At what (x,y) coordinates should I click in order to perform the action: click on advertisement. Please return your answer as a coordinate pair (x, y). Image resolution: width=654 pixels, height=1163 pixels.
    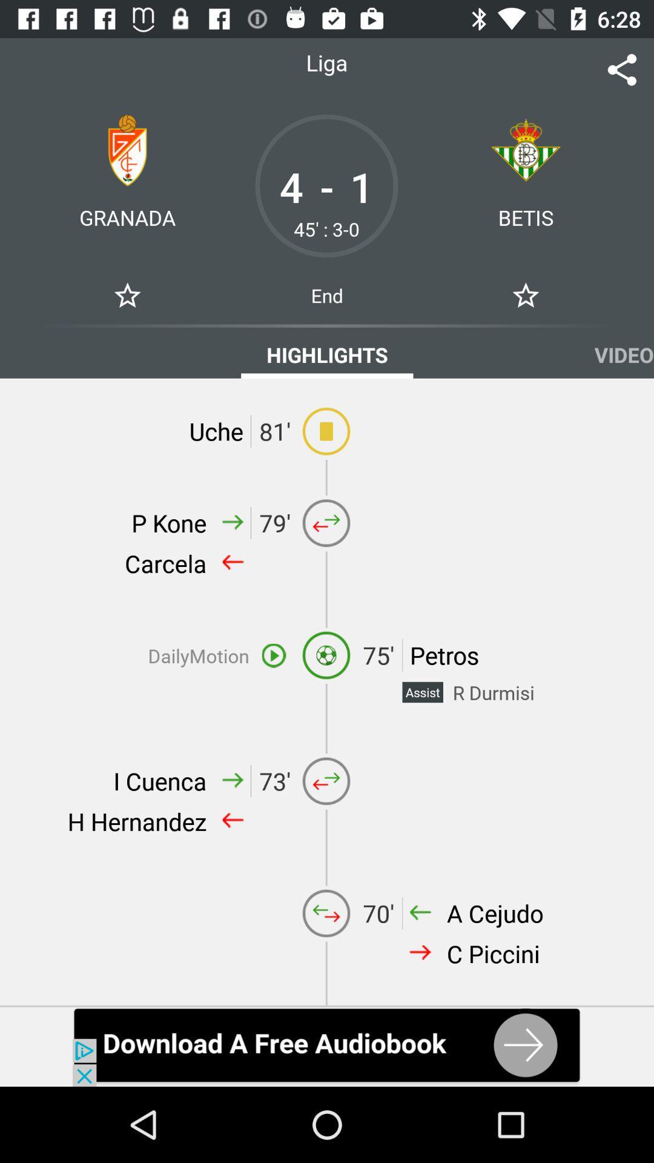
    Looking at the image, I should click on (327, 1046).